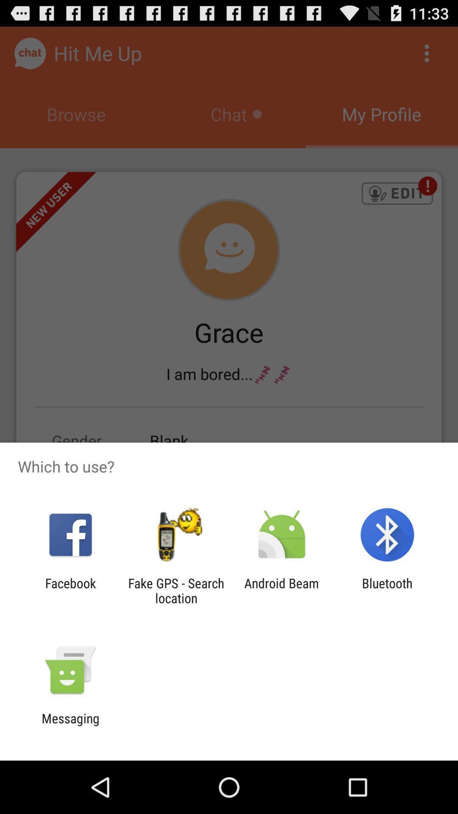 The height and width of the screenshot is (814, 458). What do you see at coordinates (282, 590) in the screenshot?
I see `the item to the right of fake gps search` at bounding box center [282, 590].